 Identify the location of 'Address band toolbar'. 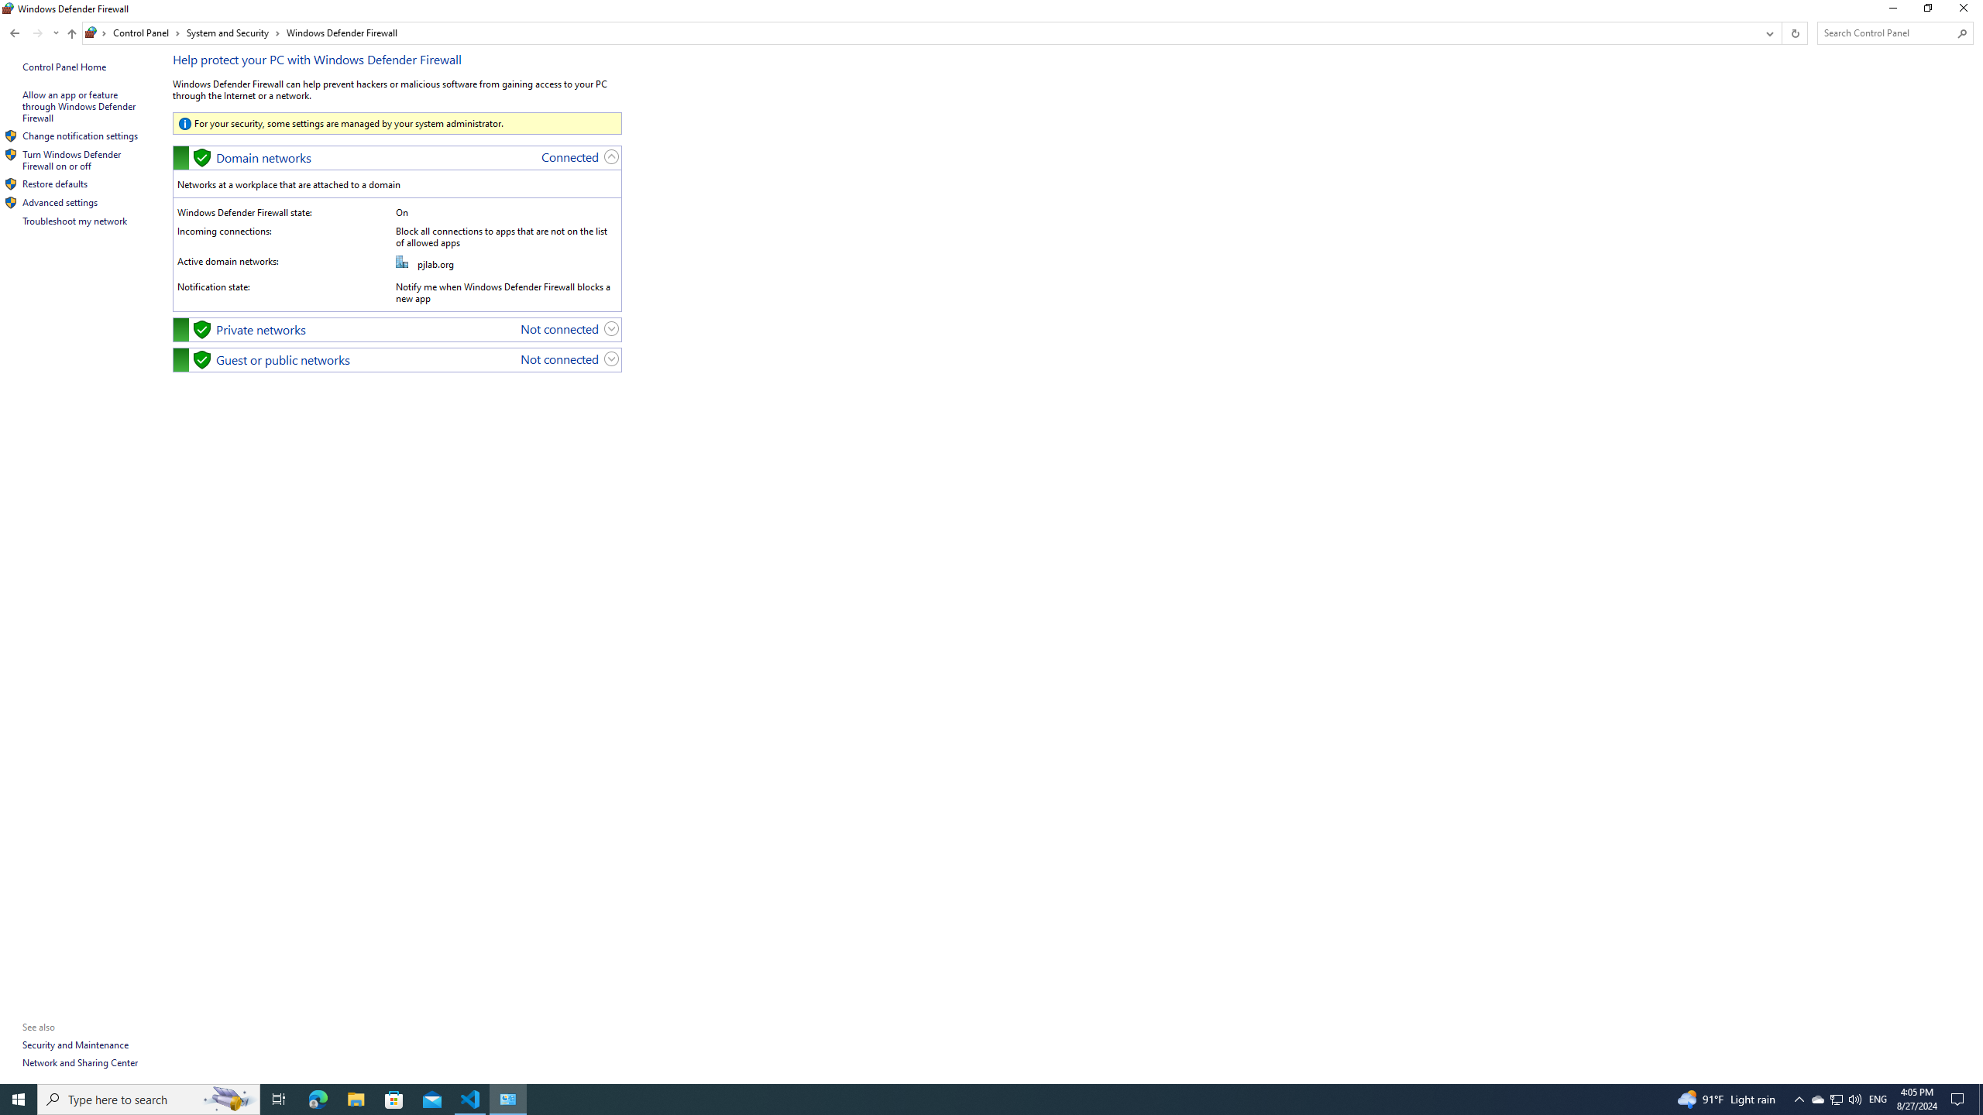
(1781, 33).